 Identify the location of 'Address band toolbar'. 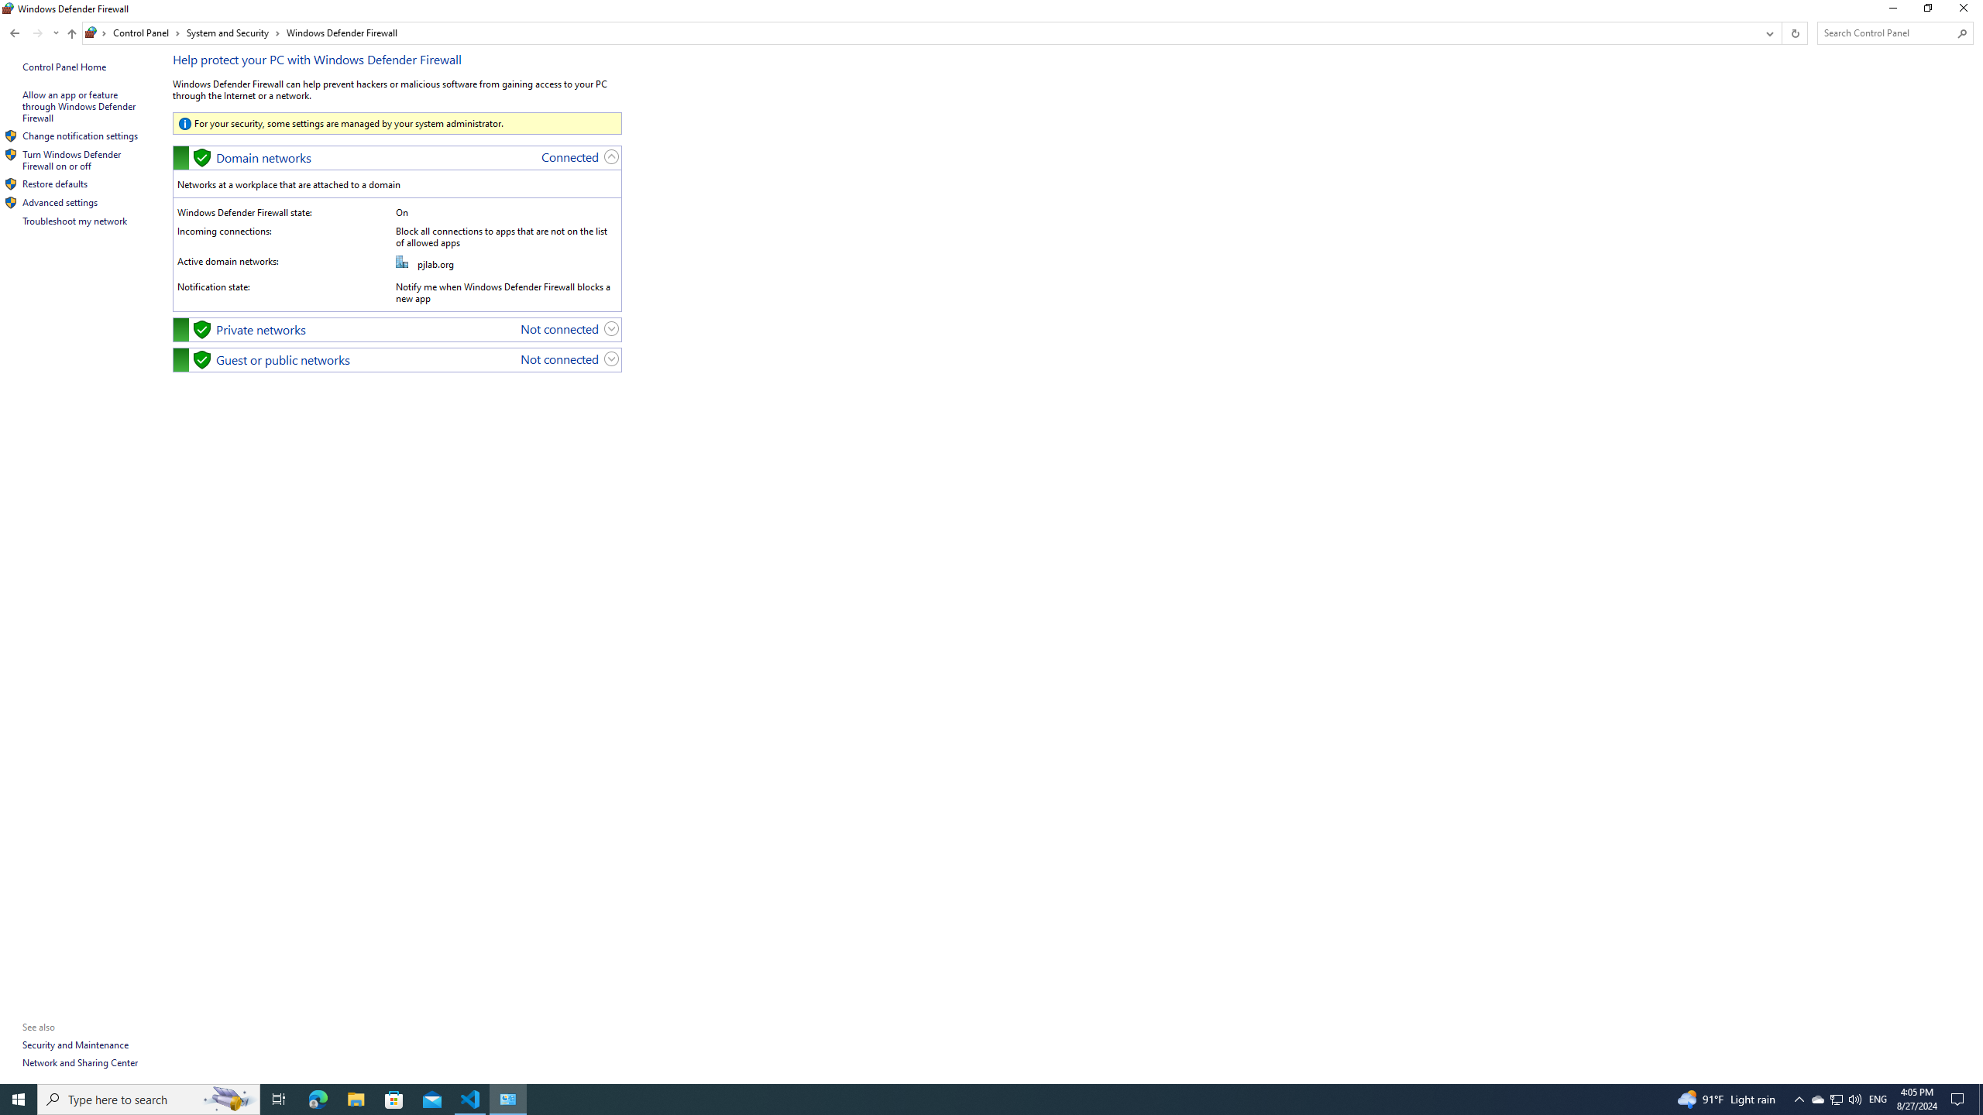
(1781, 33).